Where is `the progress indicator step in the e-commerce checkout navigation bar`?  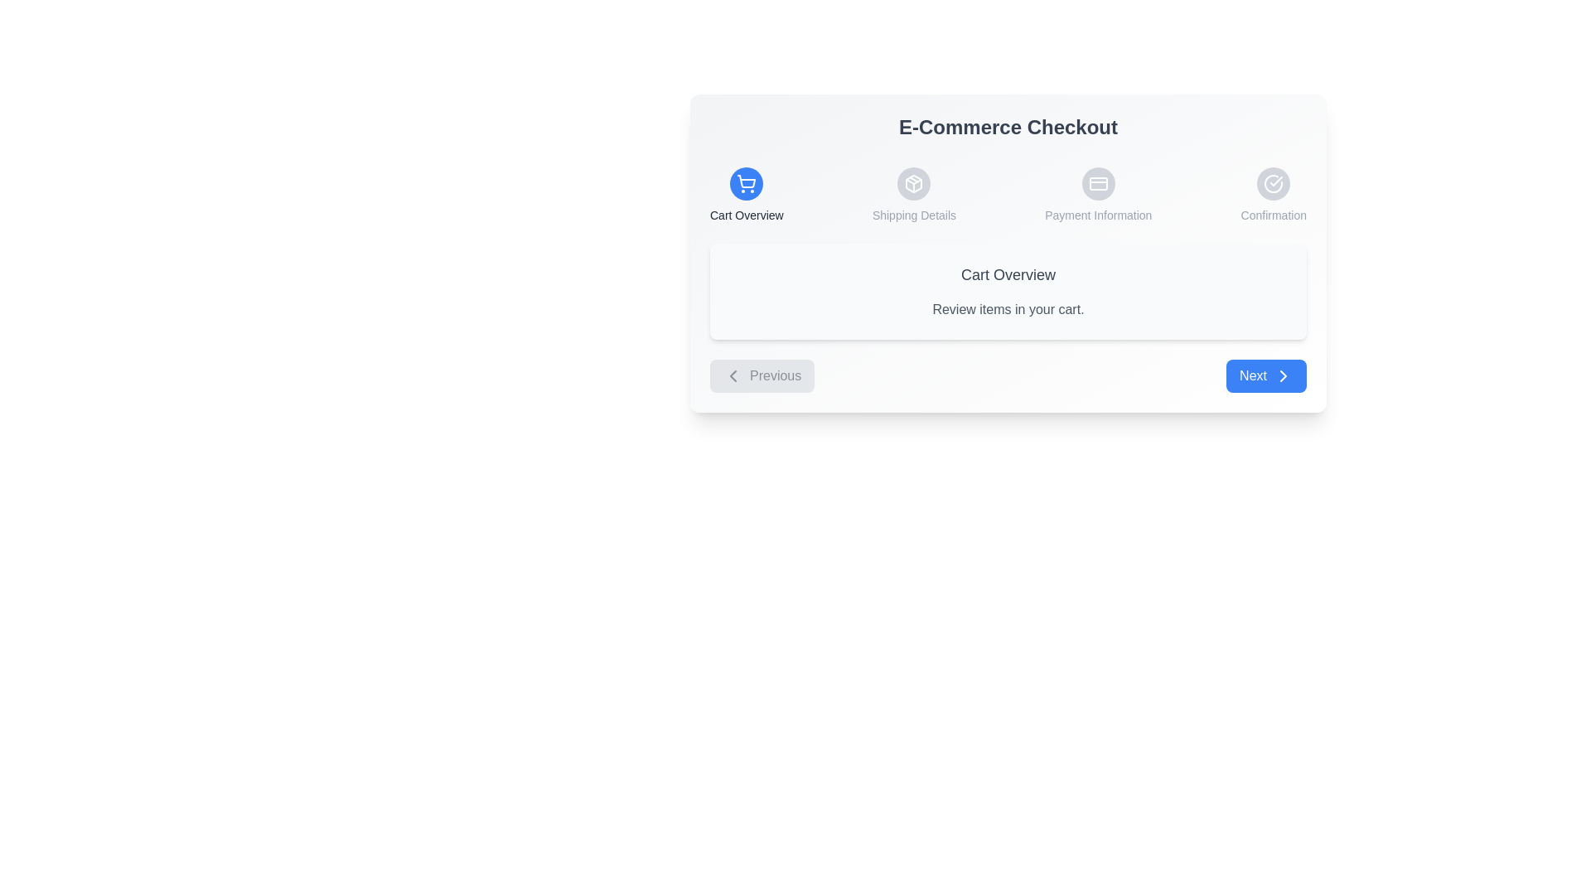 the progress indicator step in the e-commerce checkout navigation bar is located at coordinates (1008, 194).